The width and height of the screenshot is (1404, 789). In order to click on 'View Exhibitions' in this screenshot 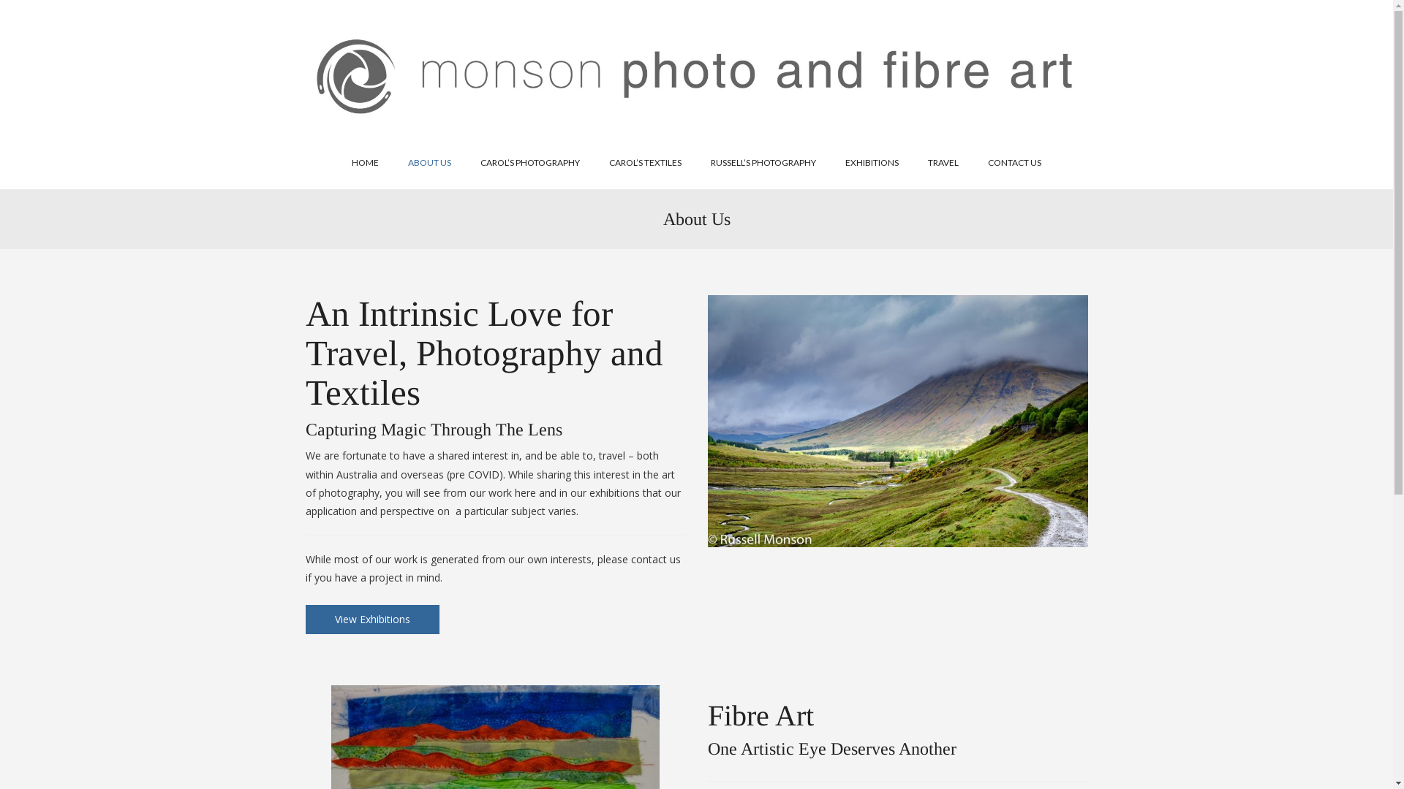, I will do `click(372, 620)`.